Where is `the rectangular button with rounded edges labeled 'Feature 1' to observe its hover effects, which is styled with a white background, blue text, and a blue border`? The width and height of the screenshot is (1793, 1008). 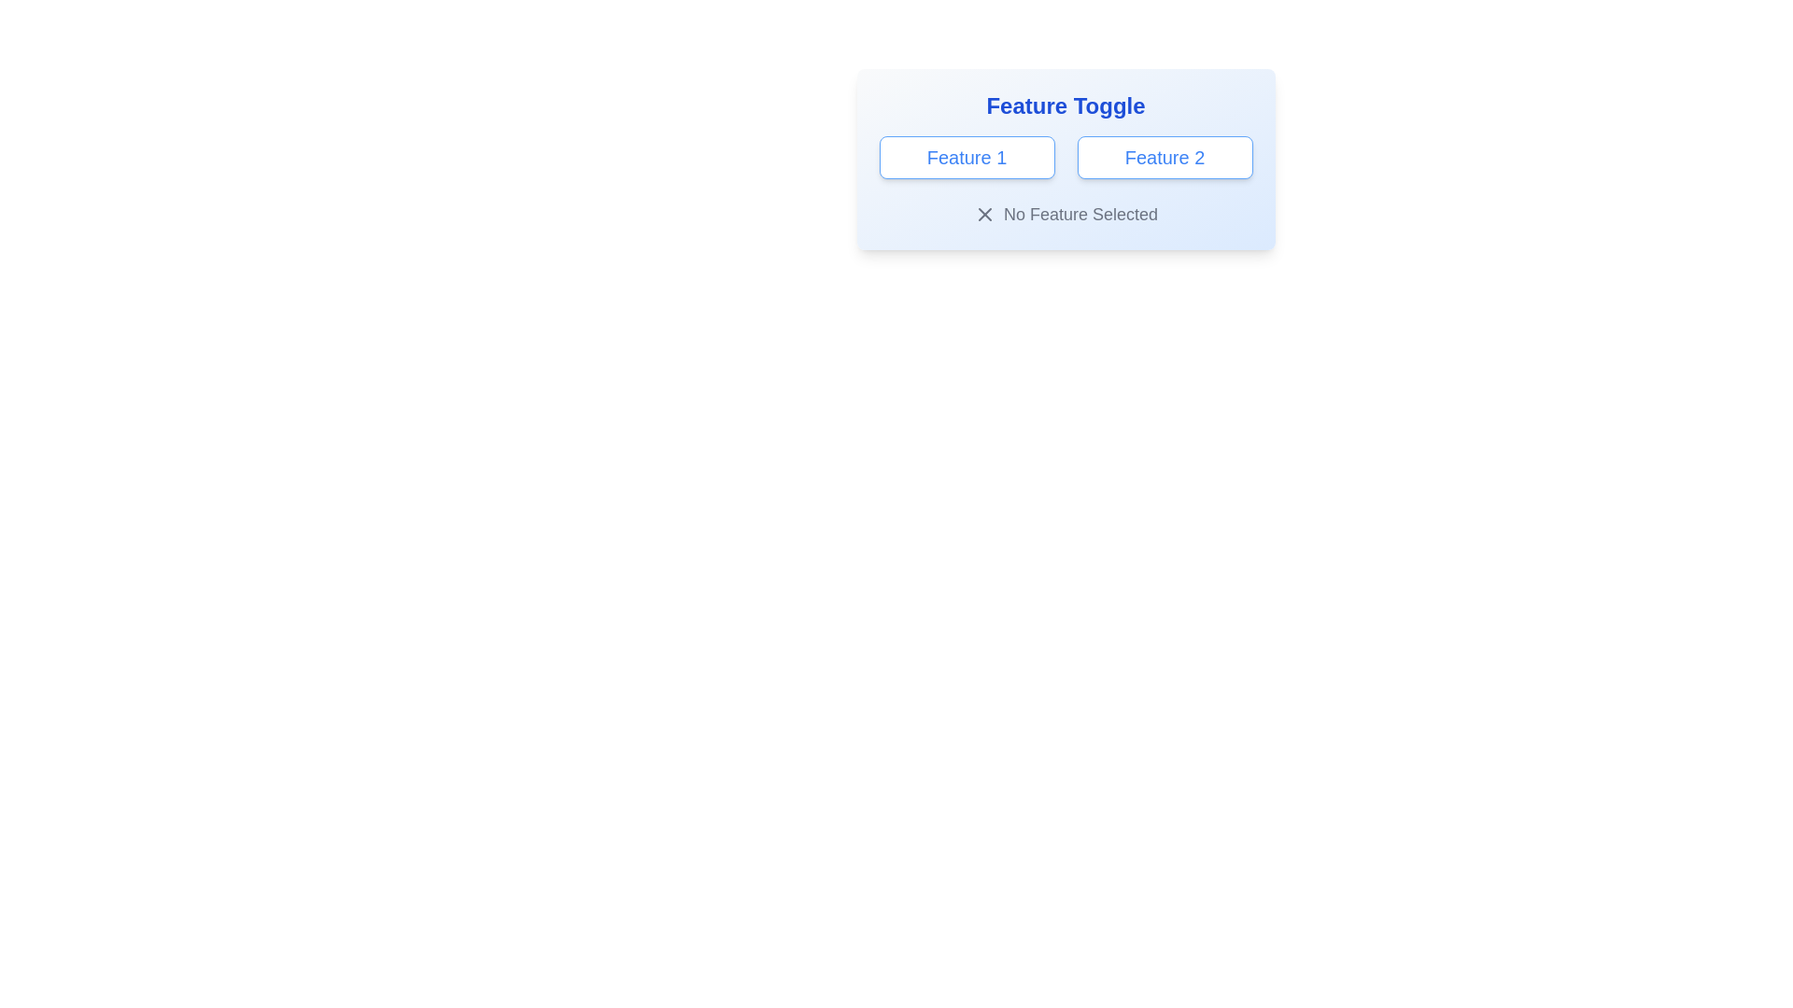
the rectangular button with rounded edges labeled 'Feature 1' to observe its hover effects, which is styled with a white background, blue text, and a blue border is located at coordinates (967, 157).